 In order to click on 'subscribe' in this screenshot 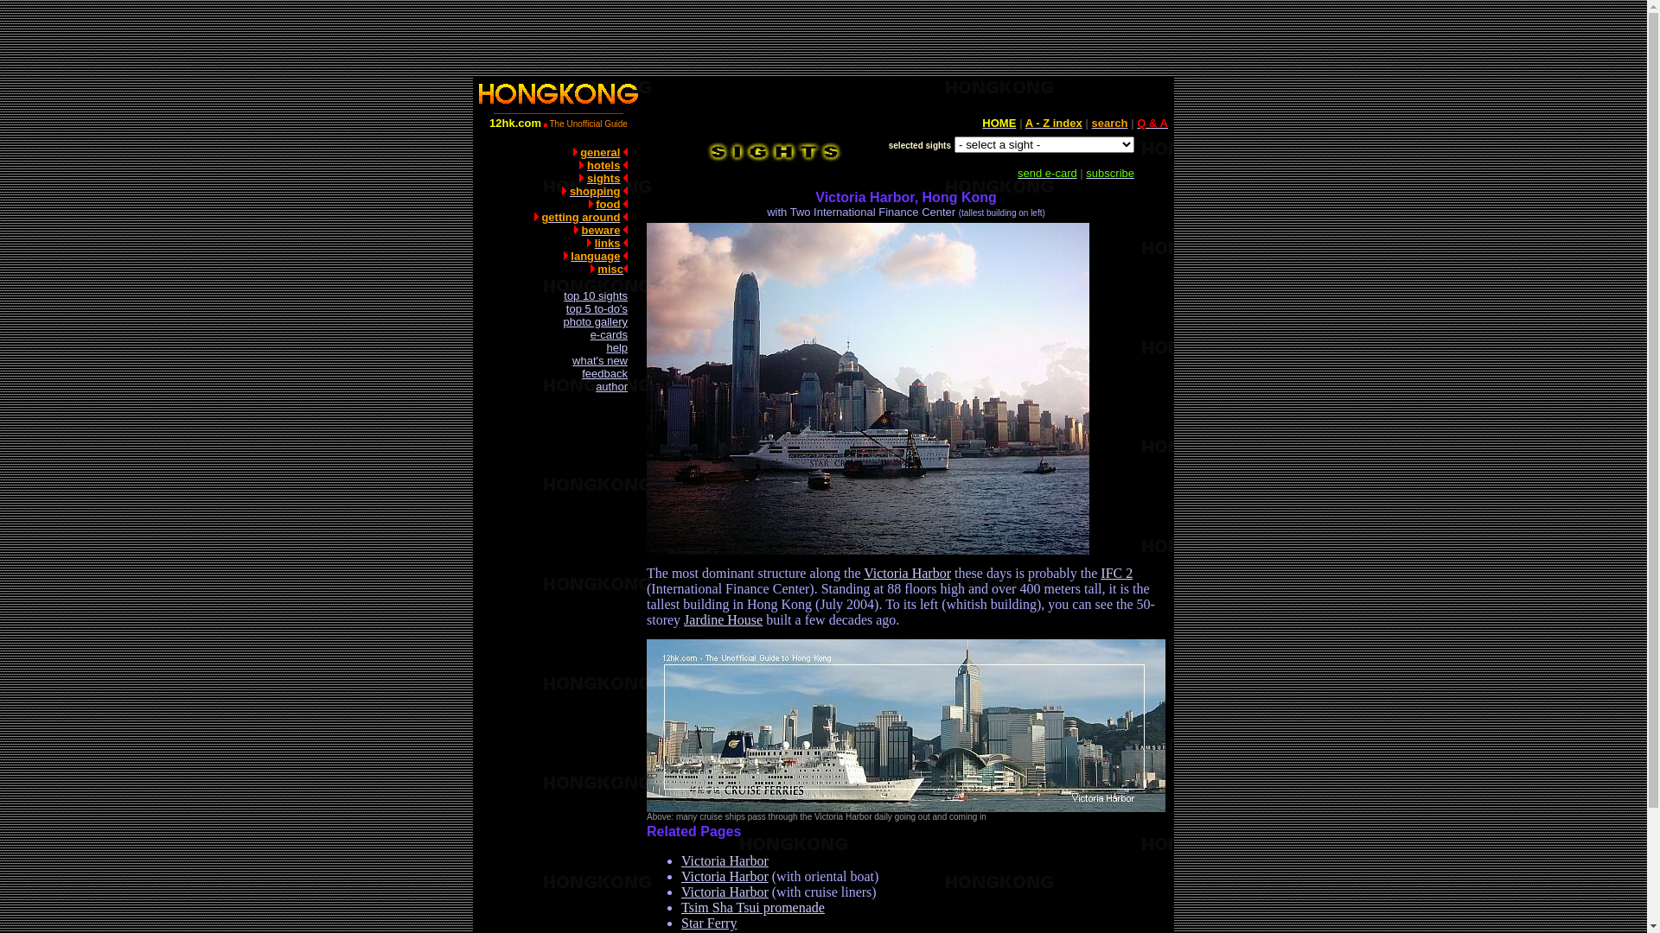, I will do `click(1109, 173)`.